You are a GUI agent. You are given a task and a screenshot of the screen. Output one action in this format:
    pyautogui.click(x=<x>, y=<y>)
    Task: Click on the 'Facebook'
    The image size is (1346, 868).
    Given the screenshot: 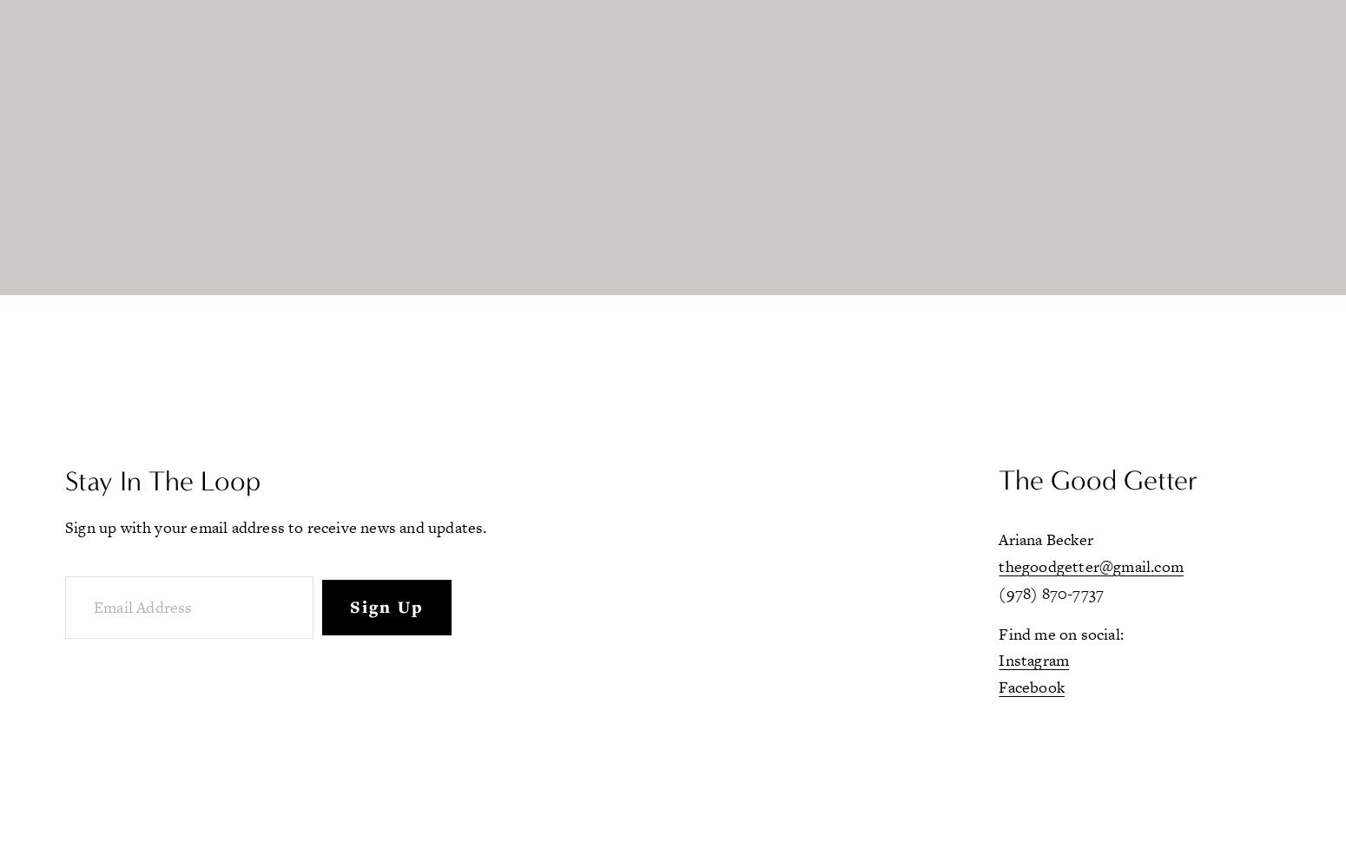 What is the action you would take?
    pyautogui.click(x=1032, y=686)
    